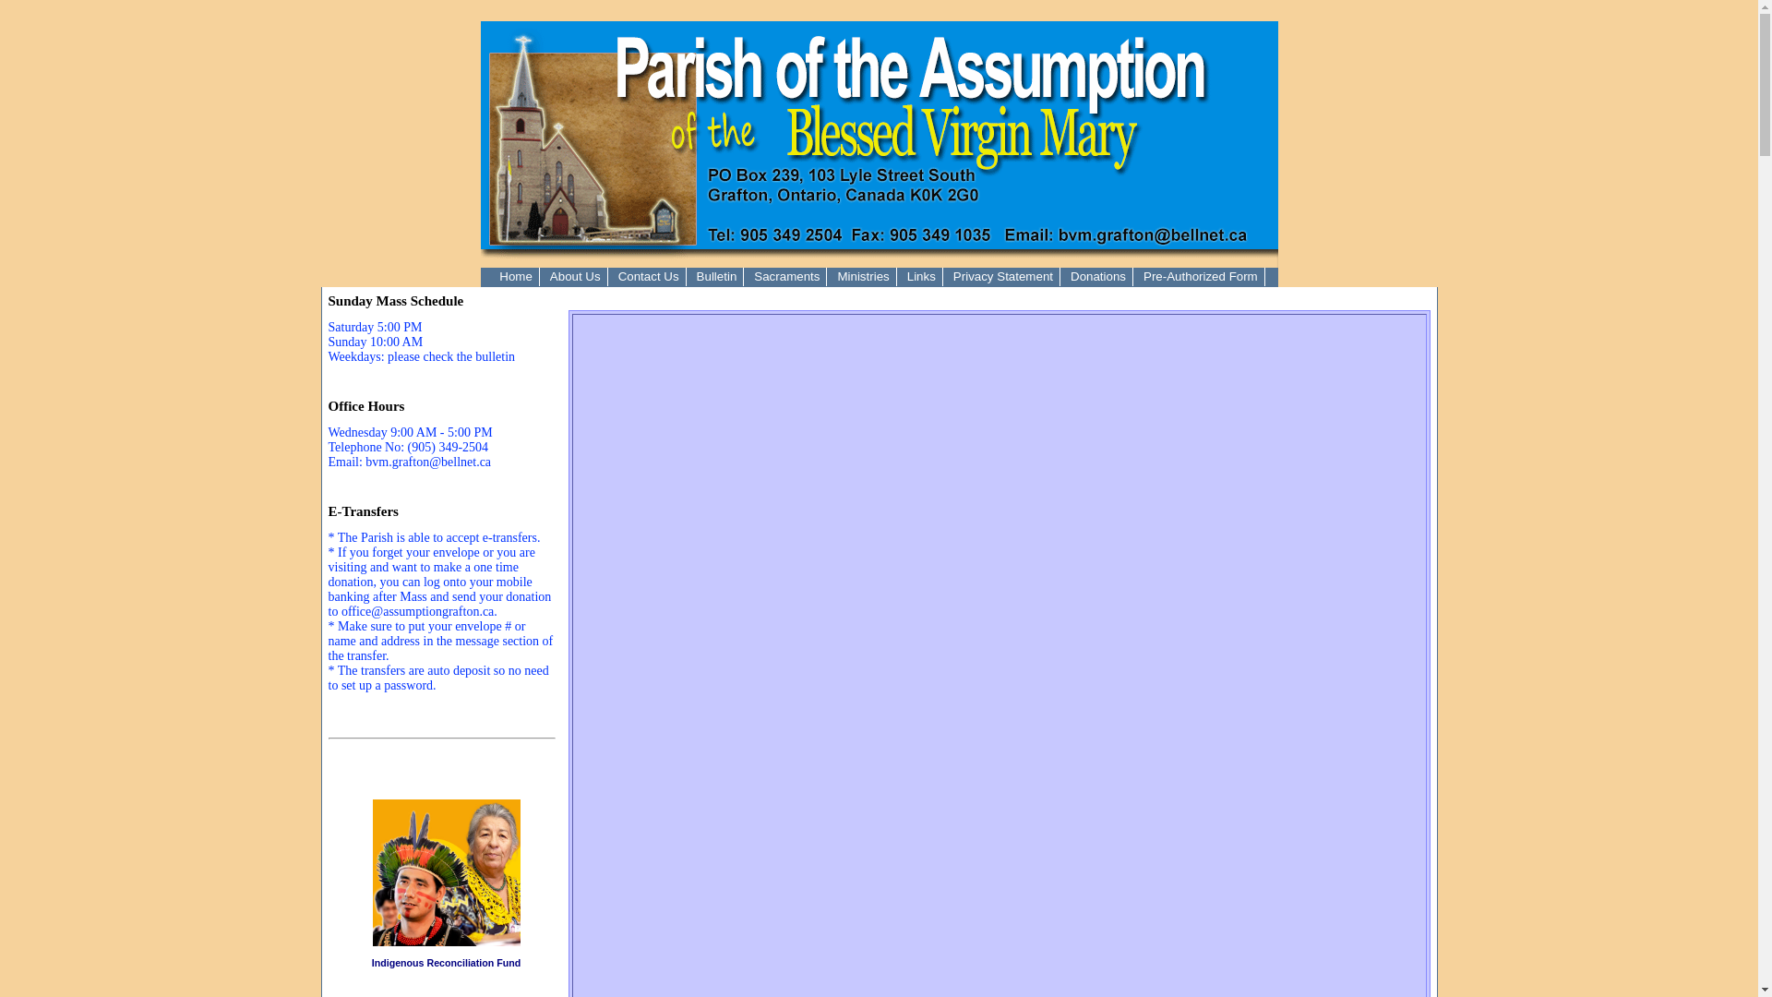  Describe the element at coordinates (516, 276) in the screenshot. I see `'Home'` at that location.